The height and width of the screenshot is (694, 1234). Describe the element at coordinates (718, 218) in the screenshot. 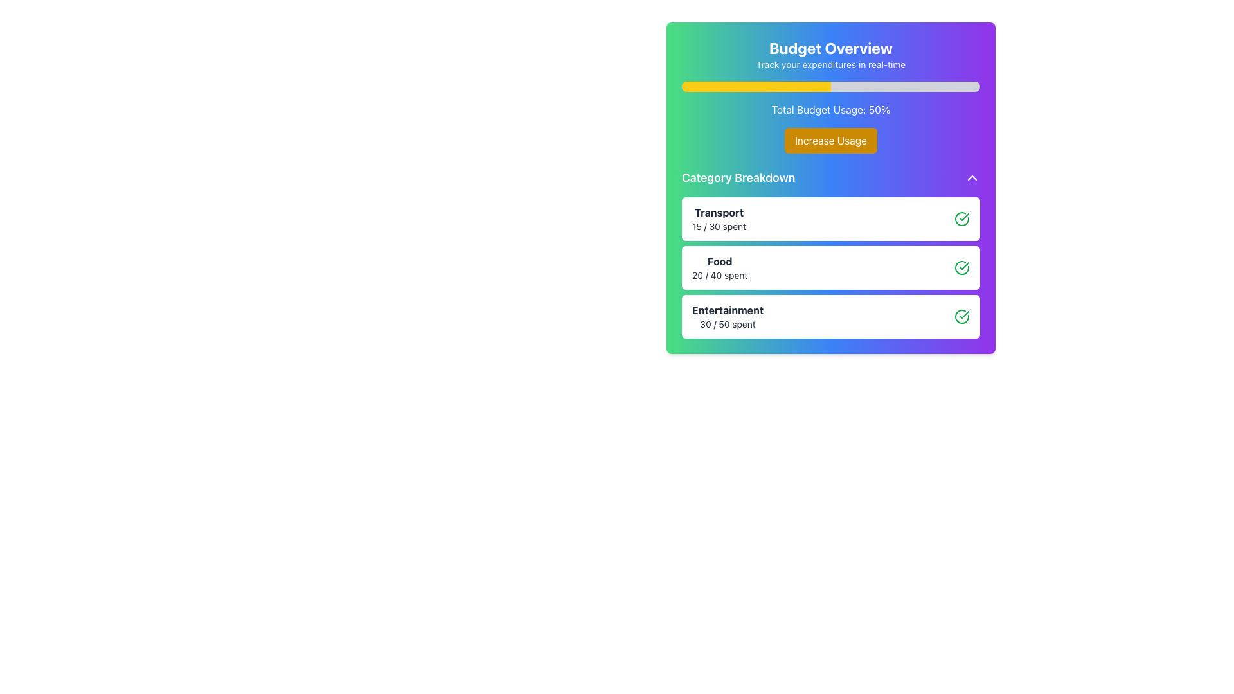

I see `the static text display that shows 'Transport' and '15 / 30 spent' in the first row under 'Category Breakdown'` at that location.